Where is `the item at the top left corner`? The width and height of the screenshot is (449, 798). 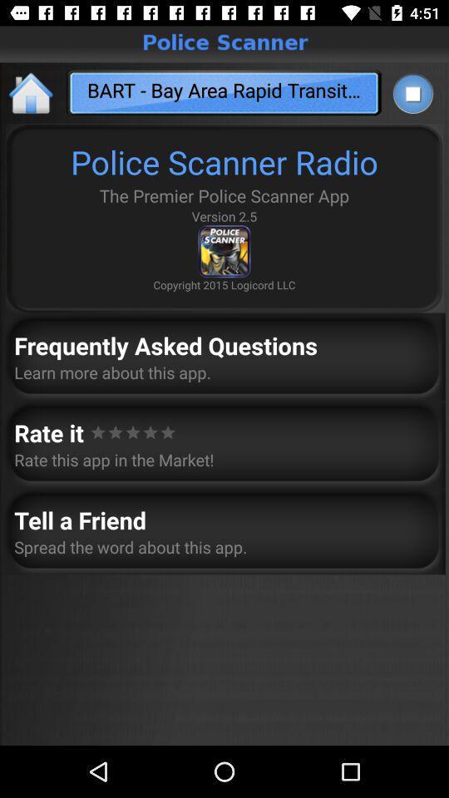
the item at the top left corner is located at coordinates (32, 92).